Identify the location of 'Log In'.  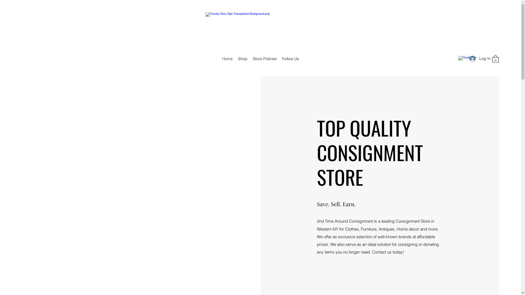
(477, 58).